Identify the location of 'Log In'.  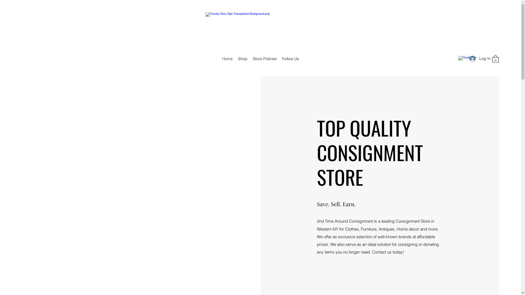
(477, 58).